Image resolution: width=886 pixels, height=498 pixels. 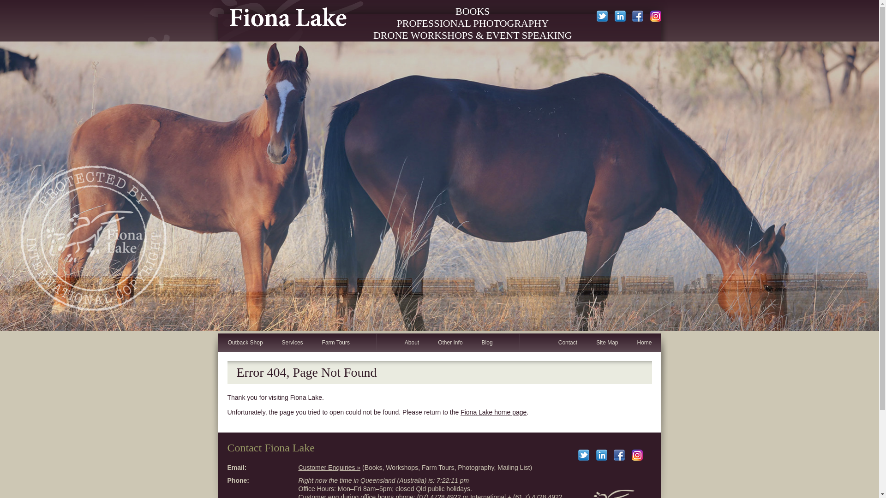 I want to click on 'Contact', so click(x=567, y=343).